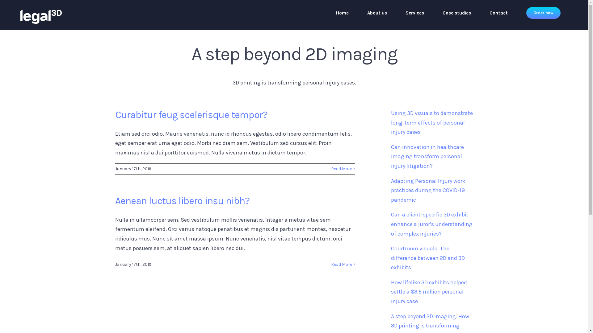  What do you see at coordinates (456, 13) in the screenshot?
I see `'Case studies'` at bounding box center [456, 13].